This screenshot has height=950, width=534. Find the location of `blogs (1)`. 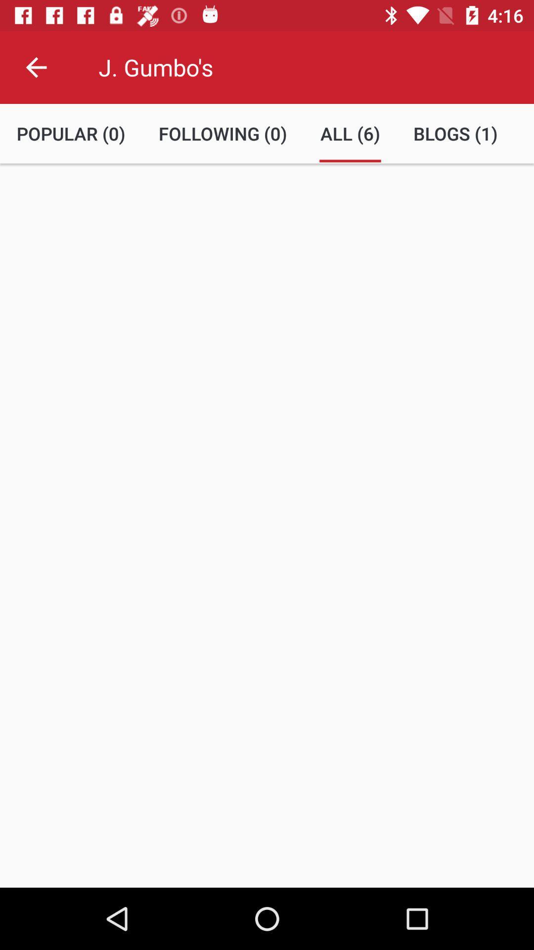

blogs (1) is located at coordinates (455, 133).